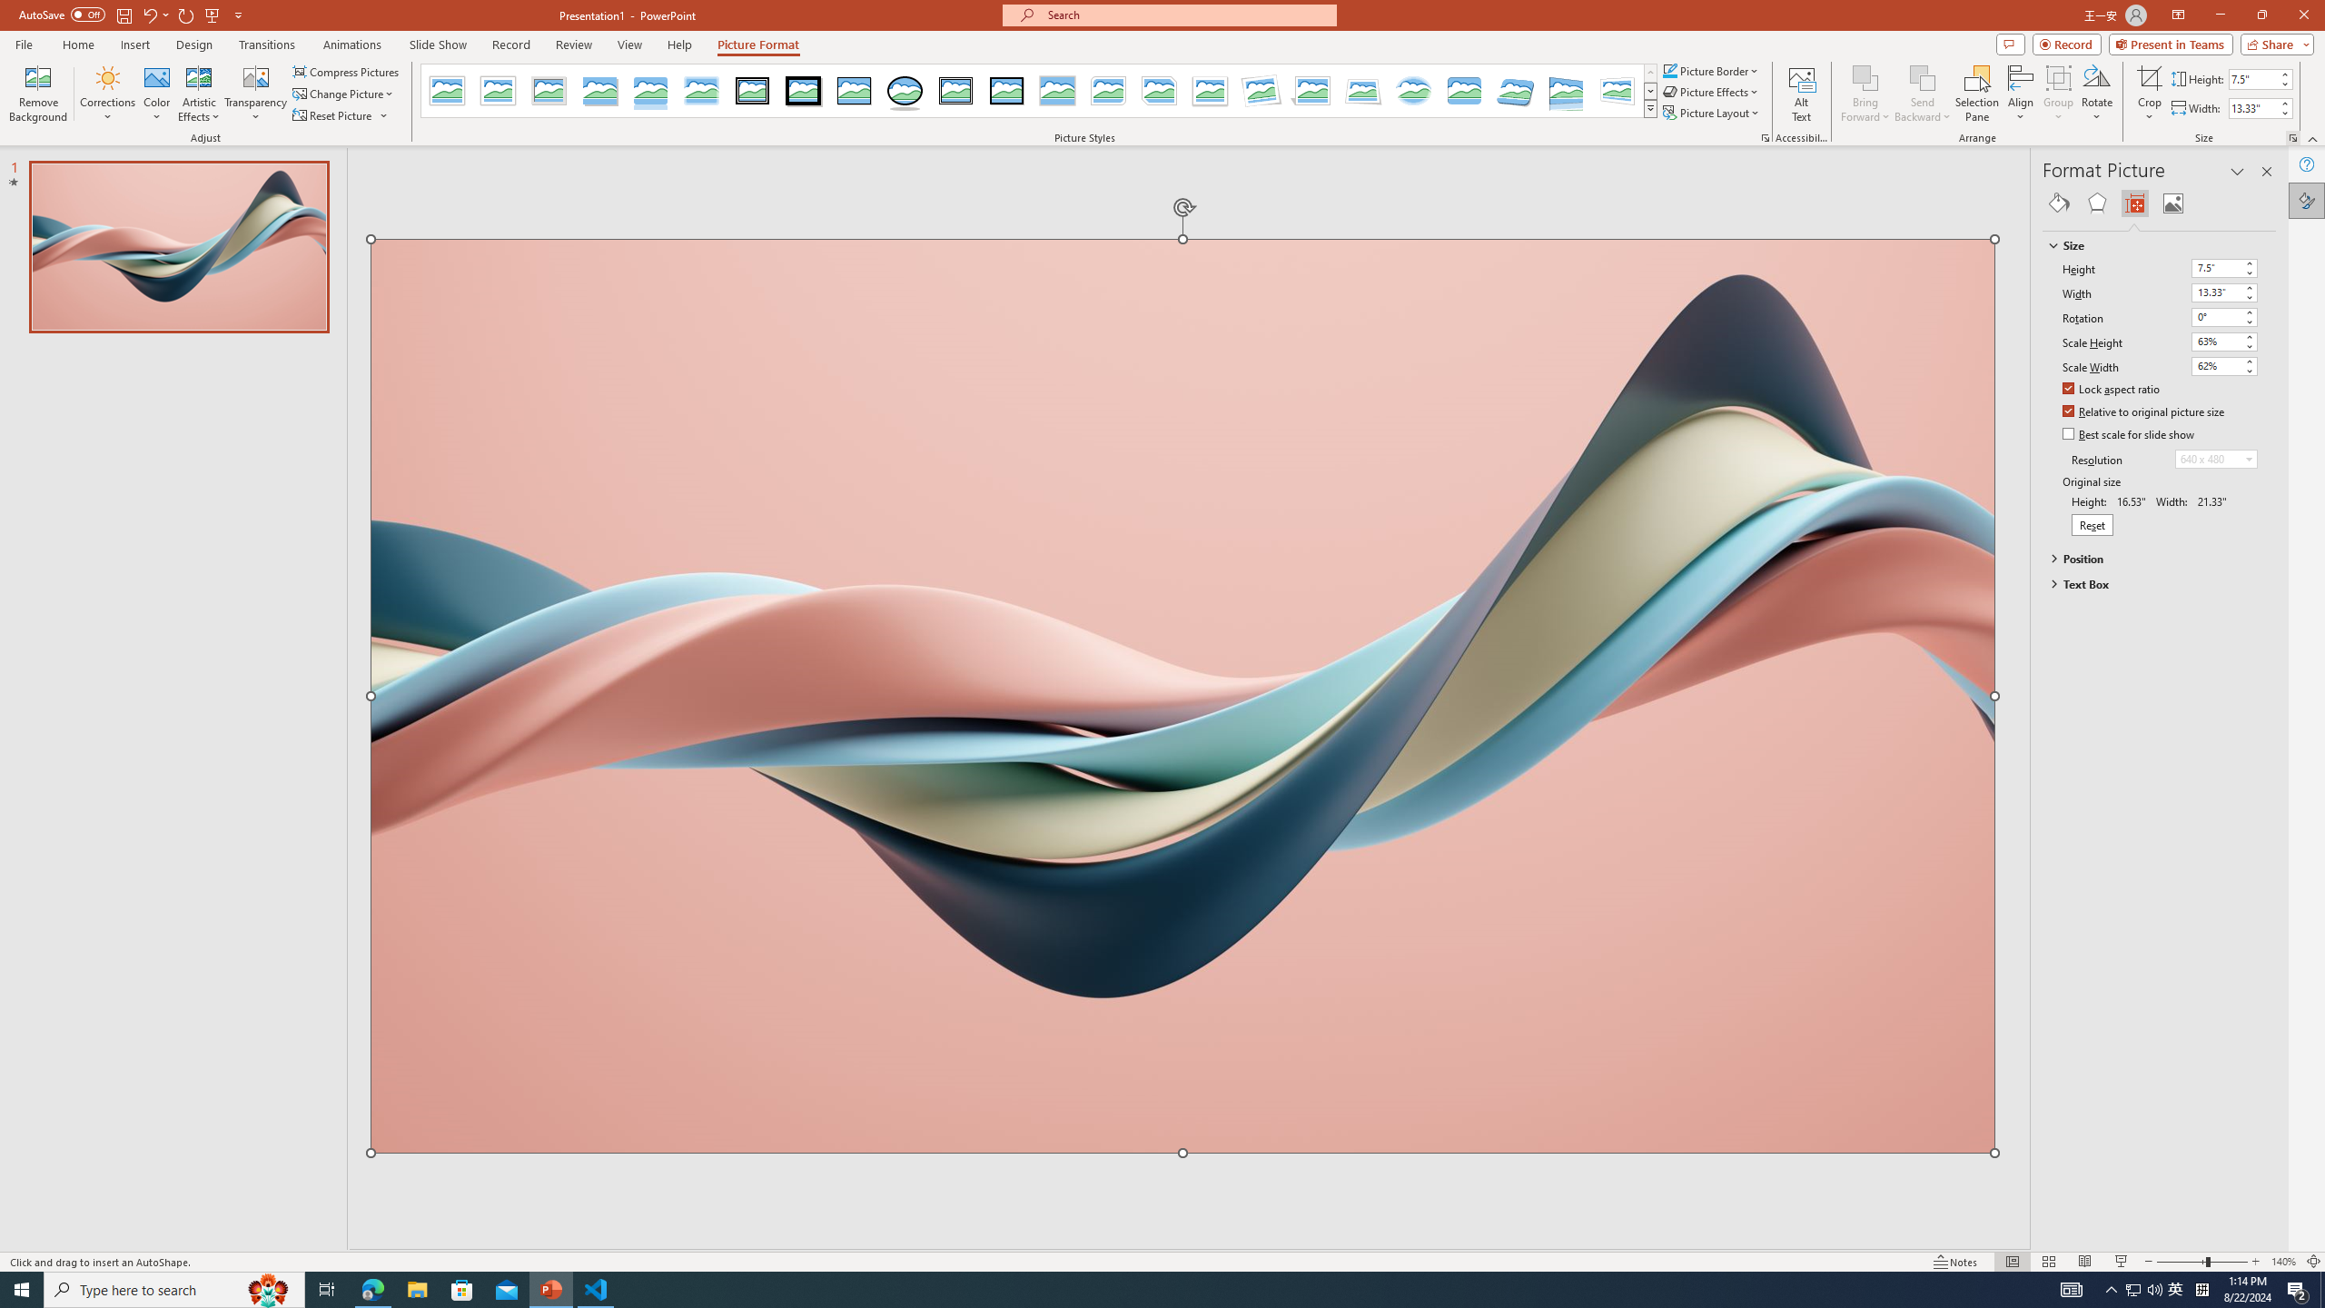  What do you see at coordinates (2084, 1262) in the screenshot?
I see `'Reading View'` at bounding box center [2084, 1262].